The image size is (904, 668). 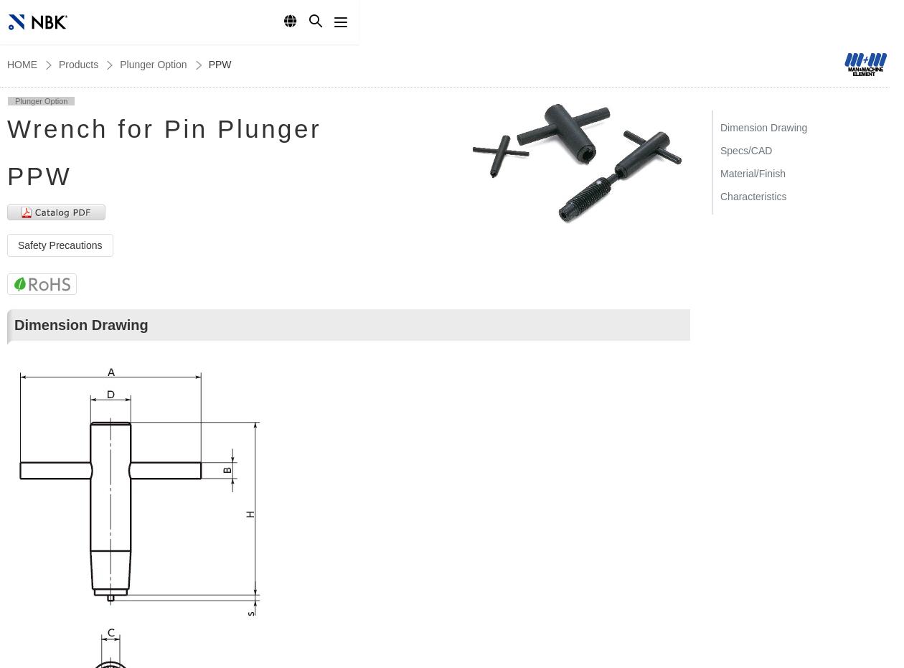 I want to click on 'HOME', so click(x=22, y=65).